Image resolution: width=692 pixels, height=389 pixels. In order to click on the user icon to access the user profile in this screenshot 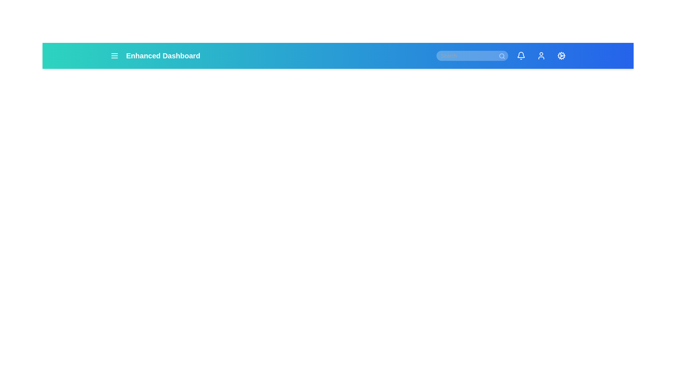, I will do `click(541, 55)`.